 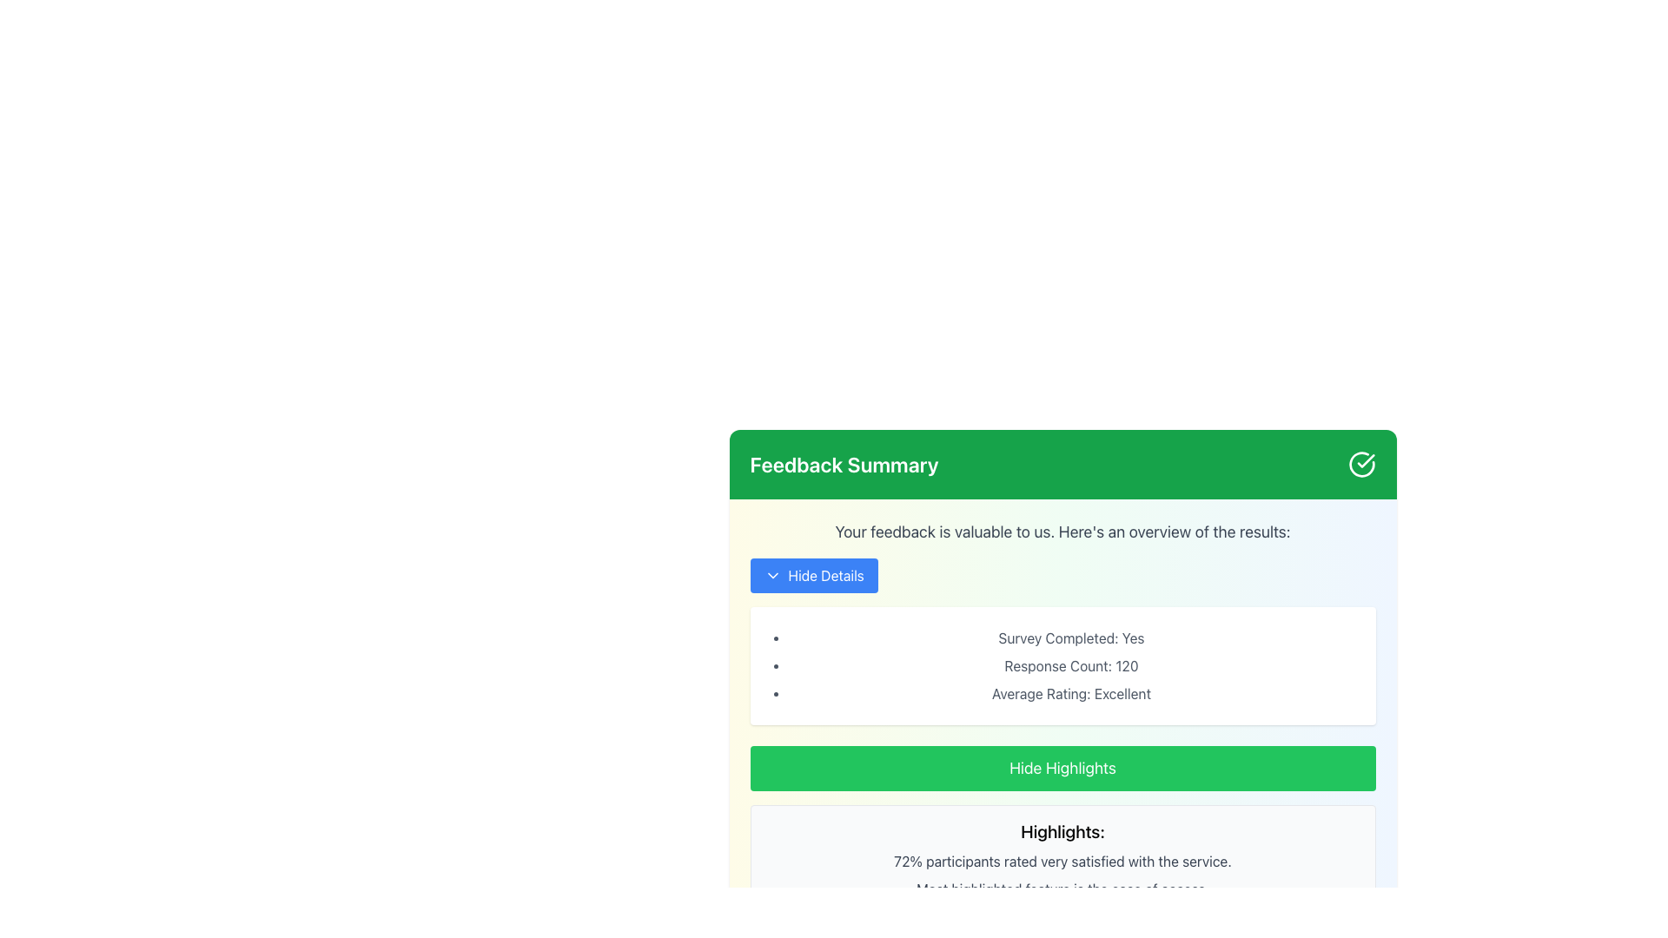 I want to click on content displayed in the Text display area located in the middle section of the 'Feedback Summary' card, directly below the section header and above the 'Hide Highlights' button, so click(x=1062, y=665).